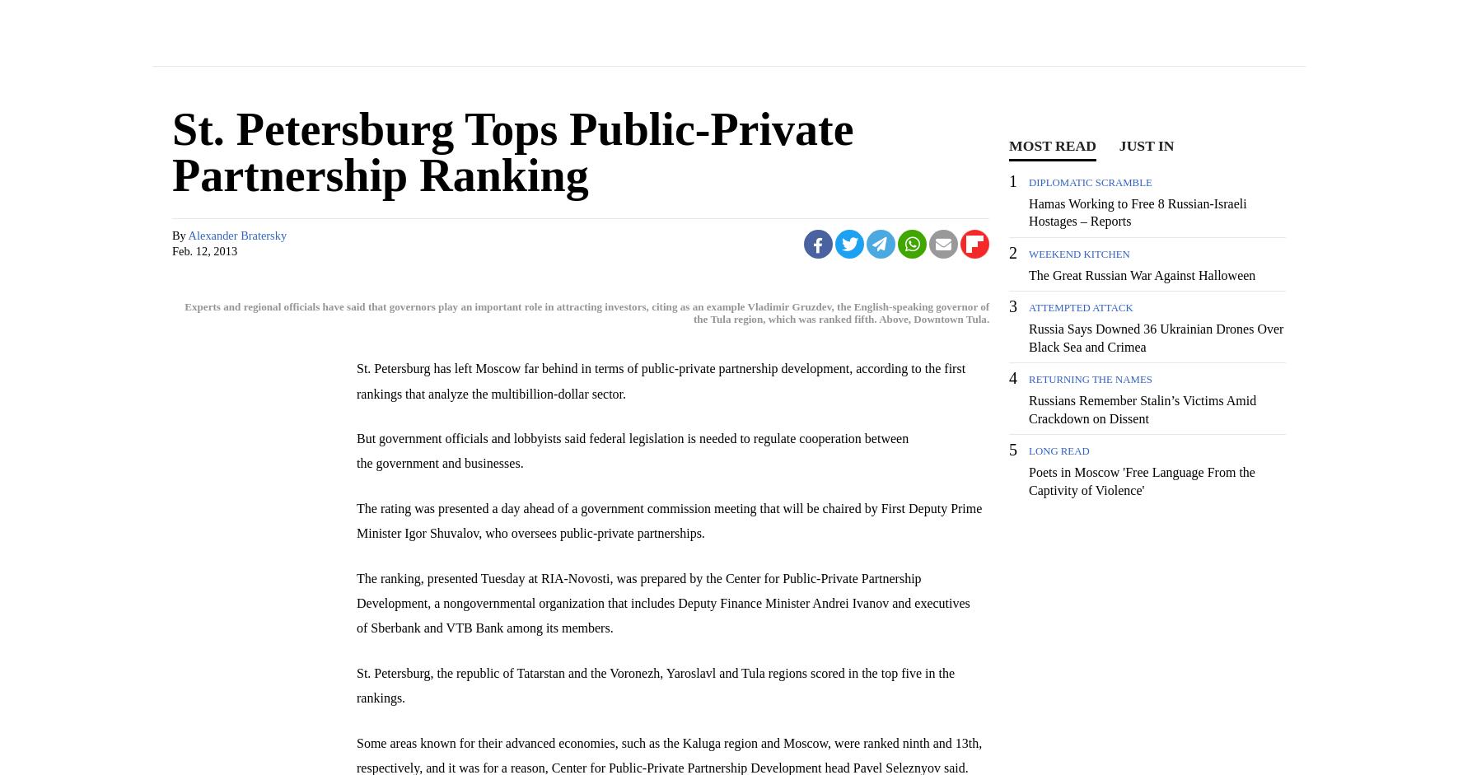 This screenshot has width=1458, height=775. I want to click on 'Some areas known for their advanced economies, such as the Kaluga region and Moscow, were ranked ninth and 13th, respectively, and it was for a reason, Center for Public-Private Partnership Development head Pavel Seleznyov said.', so click(669, 754).